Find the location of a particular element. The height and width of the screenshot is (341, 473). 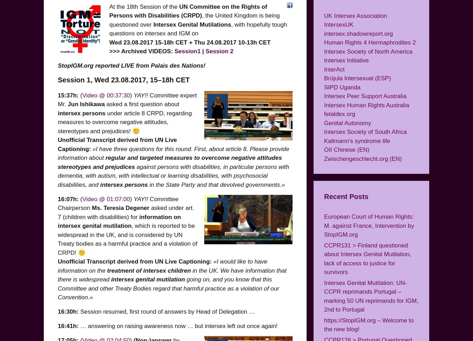

'Committee expert Mr.' is located at coordinates (127, 100).